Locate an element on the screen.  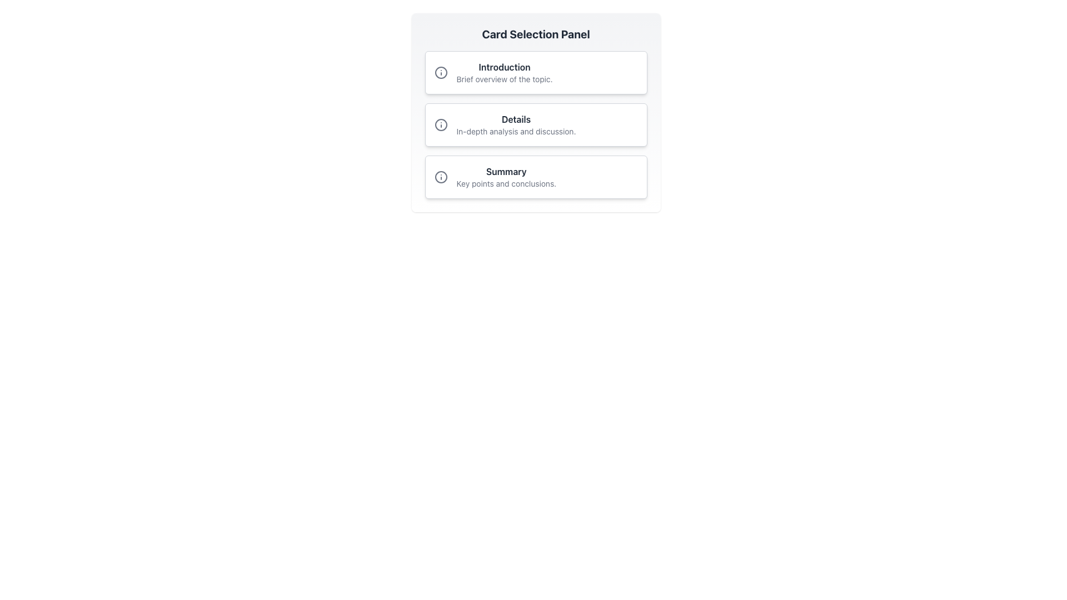
the area surrounding the 'Details' text label, which serves as a title for the section, if interactive features are enabled is located at coordinates (515, 119).